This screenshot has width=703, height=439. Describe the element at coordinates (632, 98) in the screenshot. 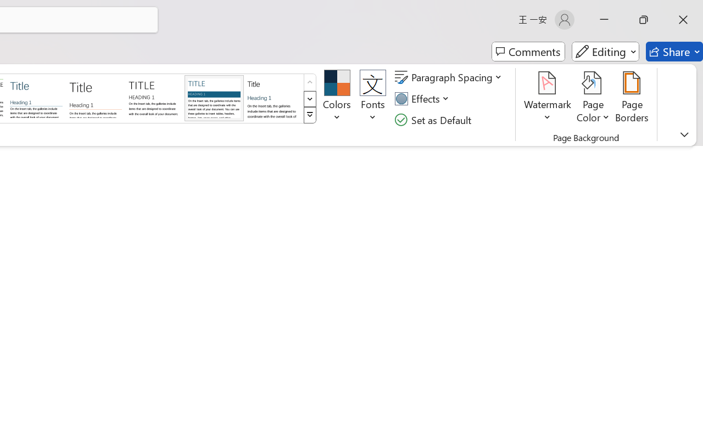

I see `'Page Borders...'` at that location.